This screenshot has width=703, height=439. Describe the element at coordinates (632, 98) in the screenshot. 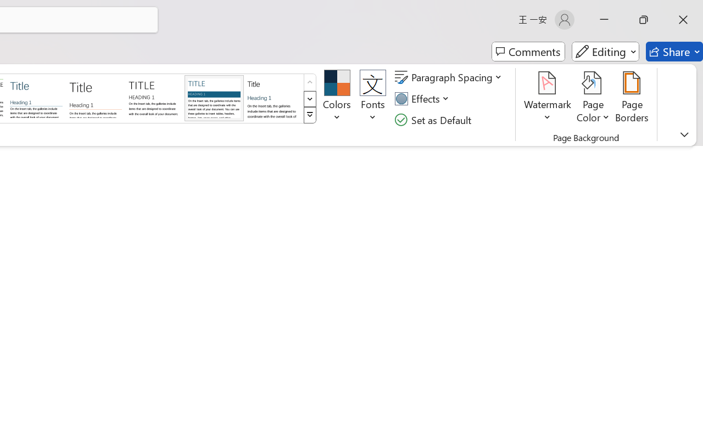

I see `'Page Borders...'` at that location.